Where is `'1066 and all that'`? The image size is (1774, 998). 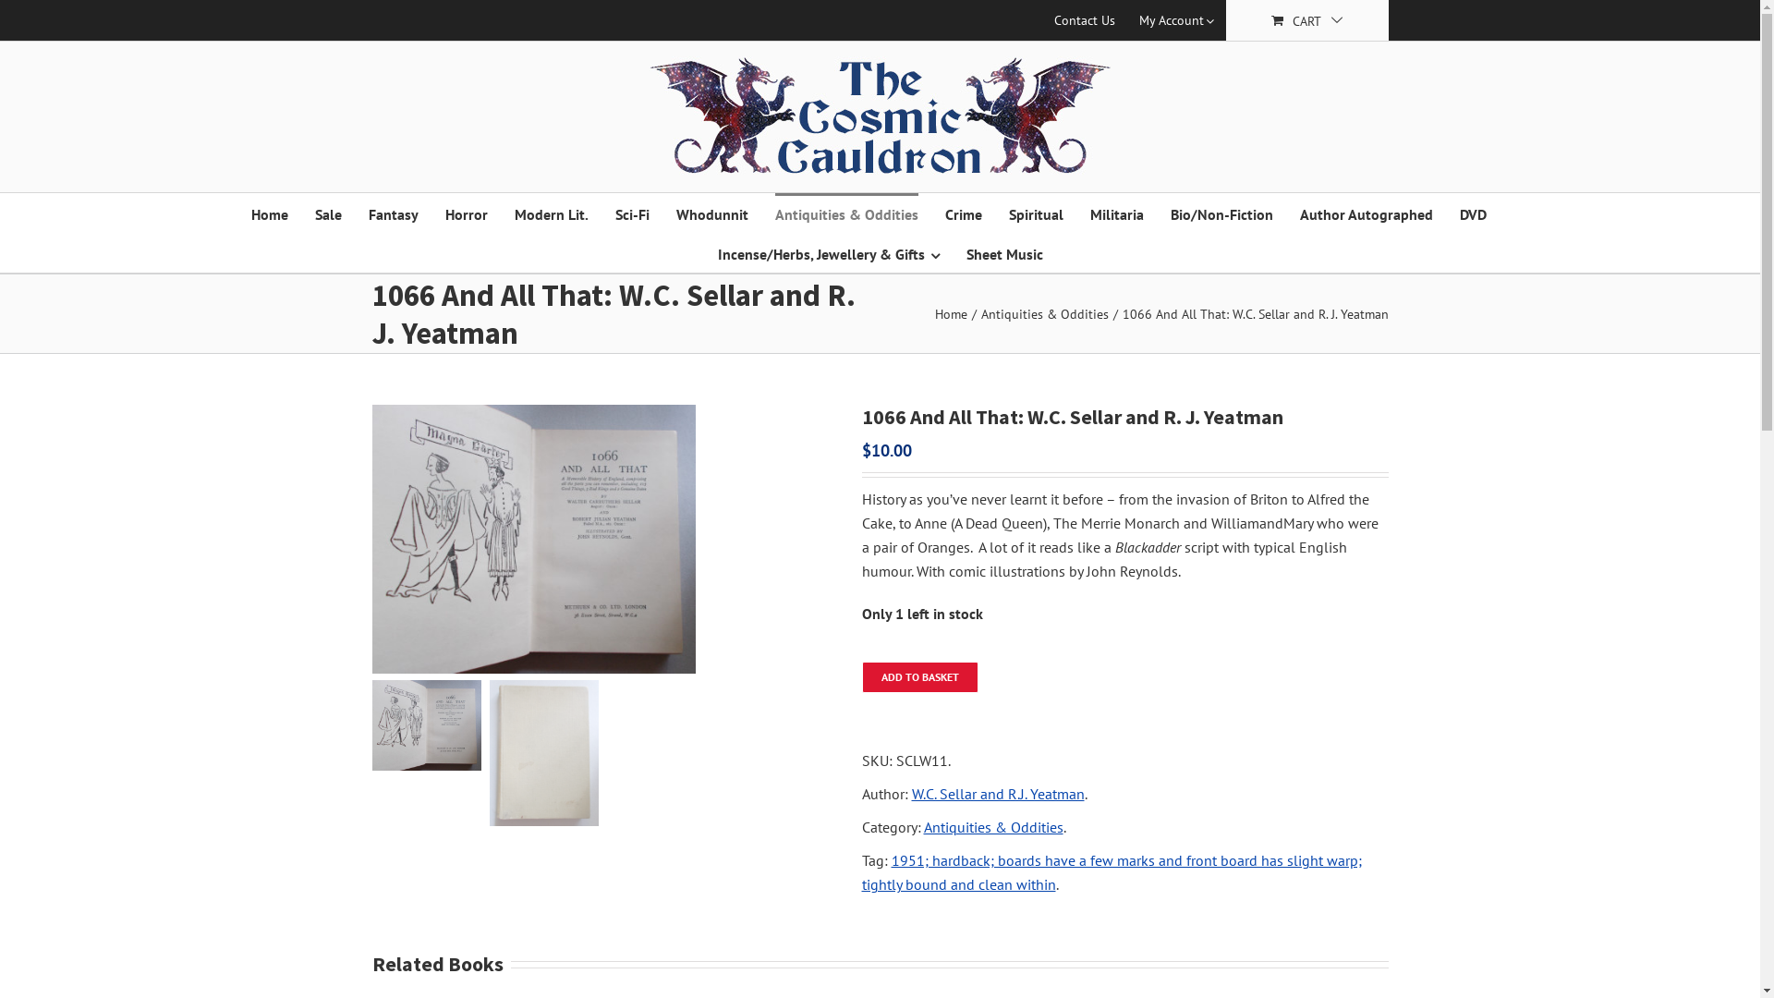
'1066 and all that' is located at coordinates (371, 724).